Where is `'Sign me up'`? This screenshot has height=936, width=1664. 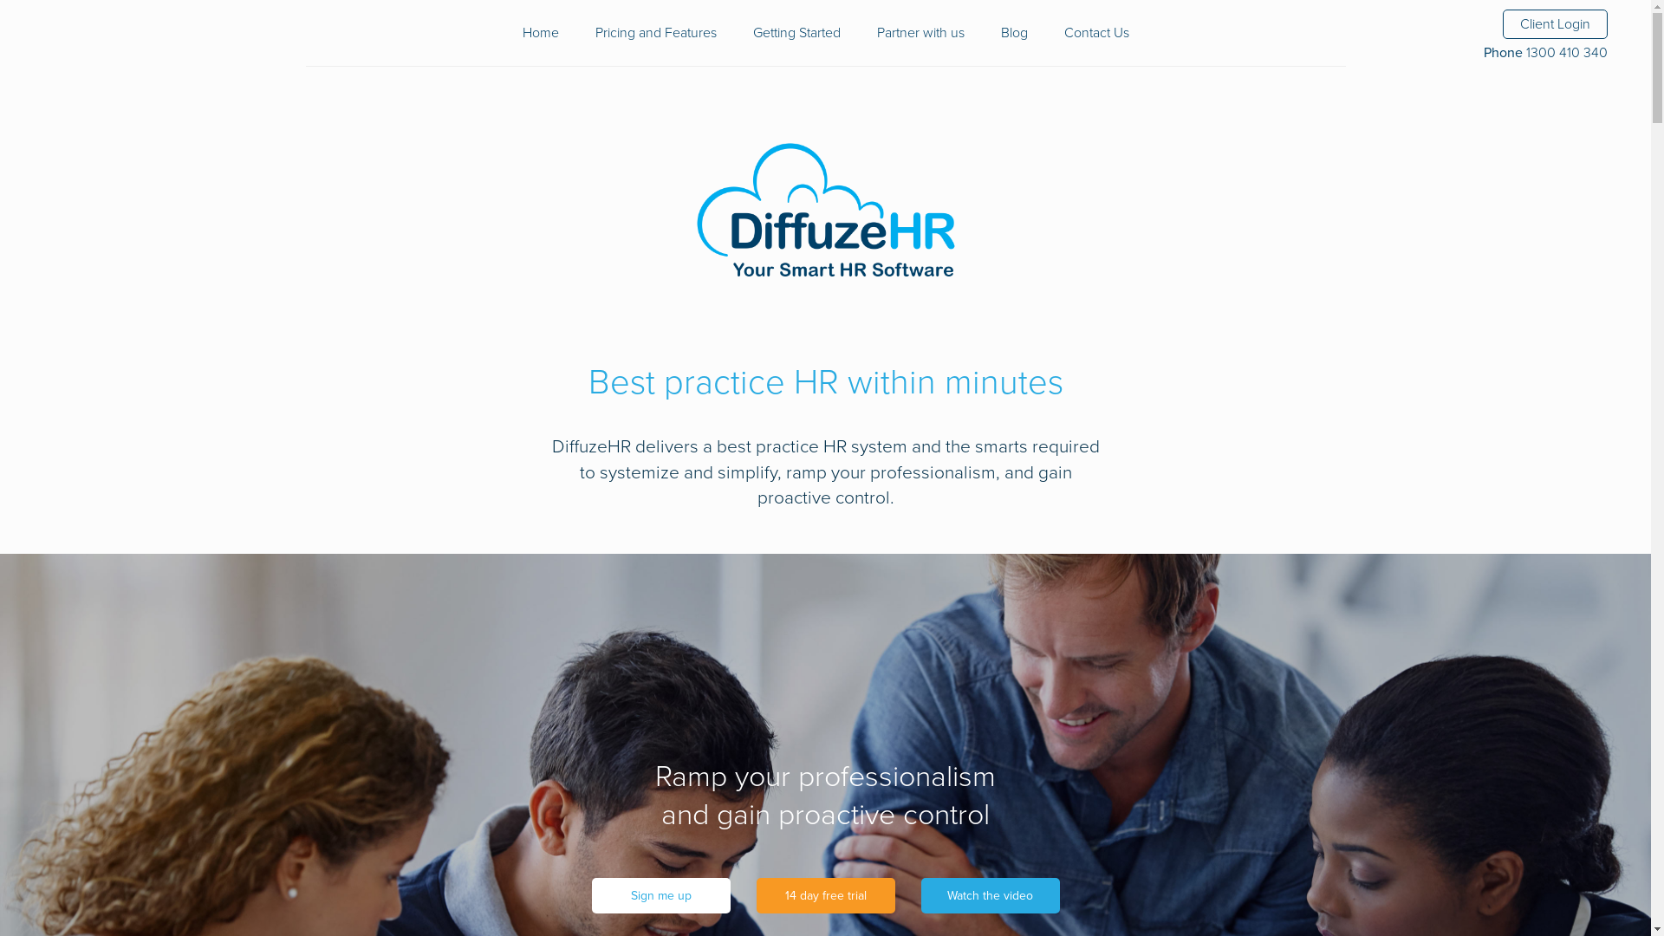 'Sign me up' is located at coordinates (660, 895).